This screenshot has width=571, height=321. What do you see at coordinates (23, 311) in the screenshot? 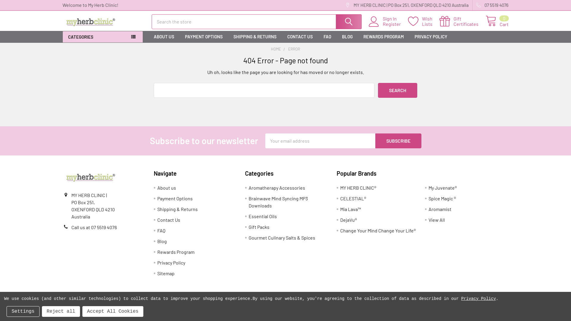
I see `'Settings'` at bounding box center [23, 311].